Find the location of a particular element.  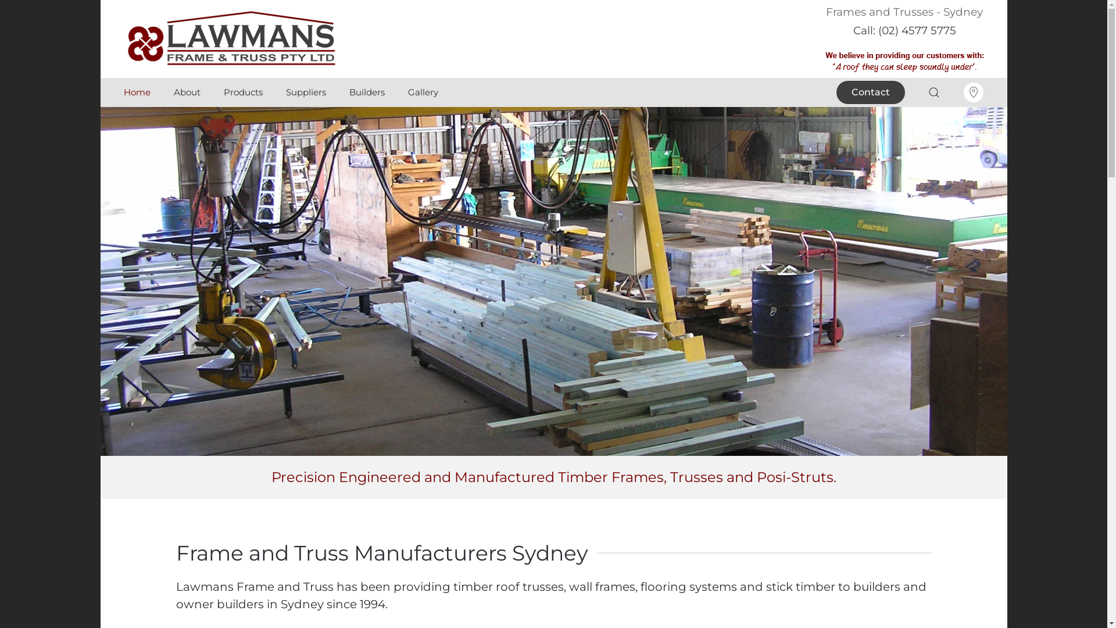

'Suppliers' is located at coordinates (306, 91).